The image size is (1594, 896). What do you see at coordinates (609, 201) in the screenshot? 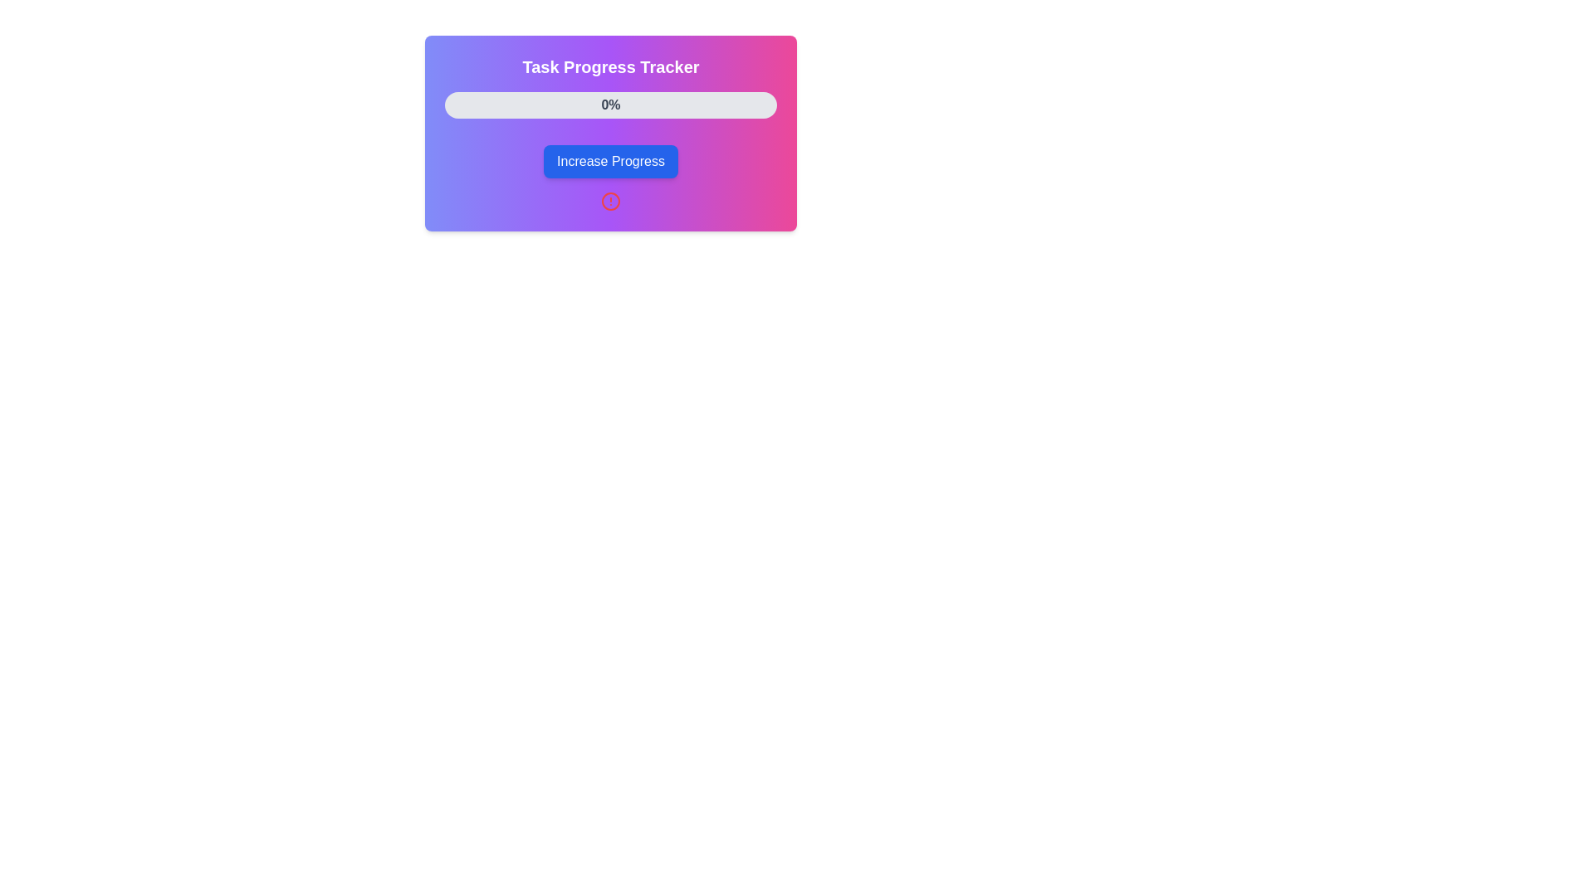
I see `the status indicator icon located directly beneath the blue 'Increase Progress' button, which alerts users to a specific status or message` at bounding box center [609, 201].